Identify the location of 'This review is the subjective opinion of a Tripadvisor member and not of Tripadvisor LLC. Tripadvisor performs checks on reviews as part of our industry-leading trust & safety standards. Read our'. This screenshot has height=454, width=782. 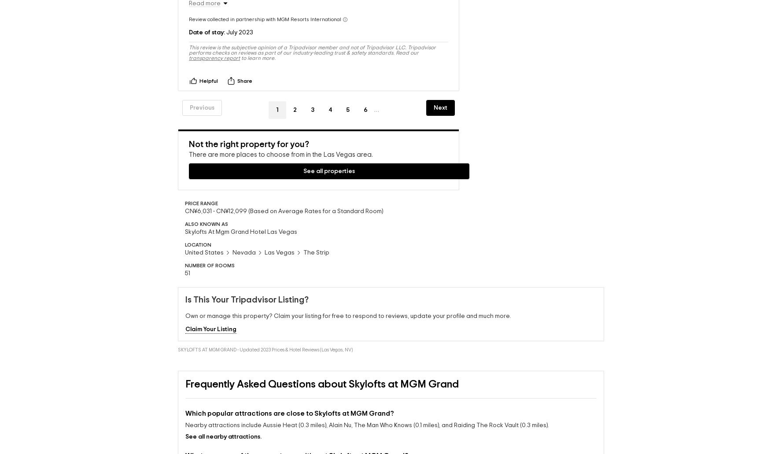
(312, 36).